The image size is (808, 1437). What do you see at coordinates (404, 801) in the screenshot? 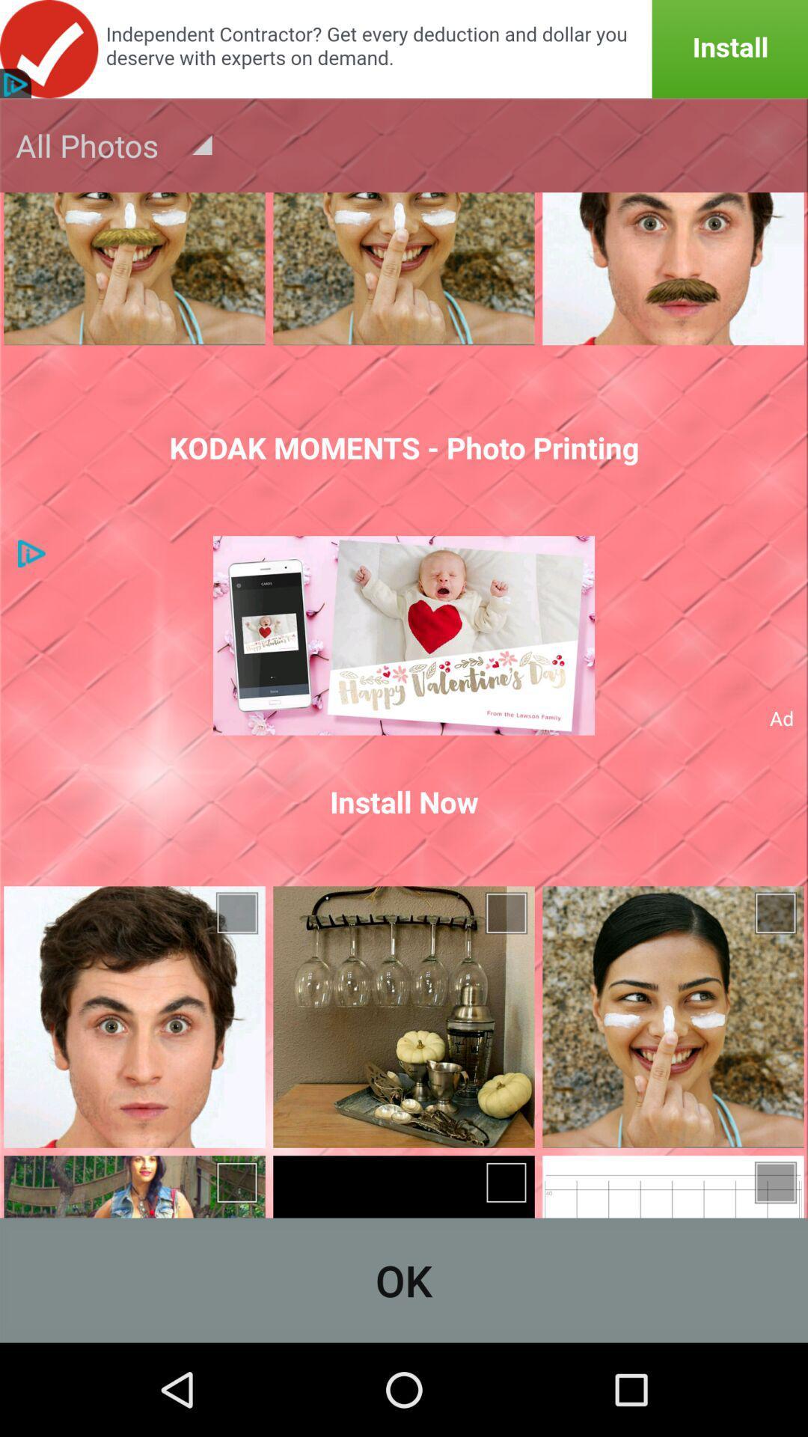
I see `the install now item` at bounding box center [404, 801].